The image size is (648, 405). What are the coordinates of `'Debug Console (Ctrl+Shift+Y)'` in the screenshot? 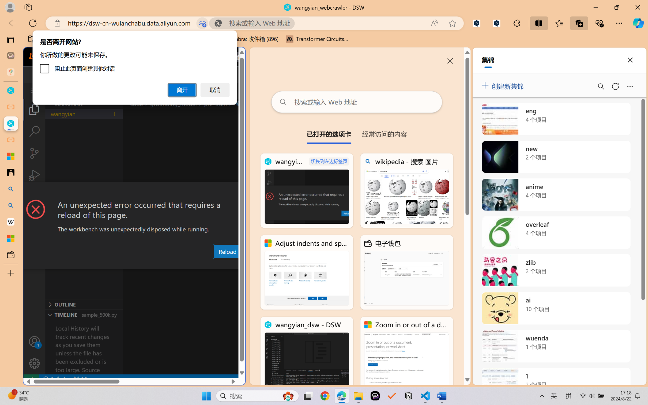 It's located at (216, 264).